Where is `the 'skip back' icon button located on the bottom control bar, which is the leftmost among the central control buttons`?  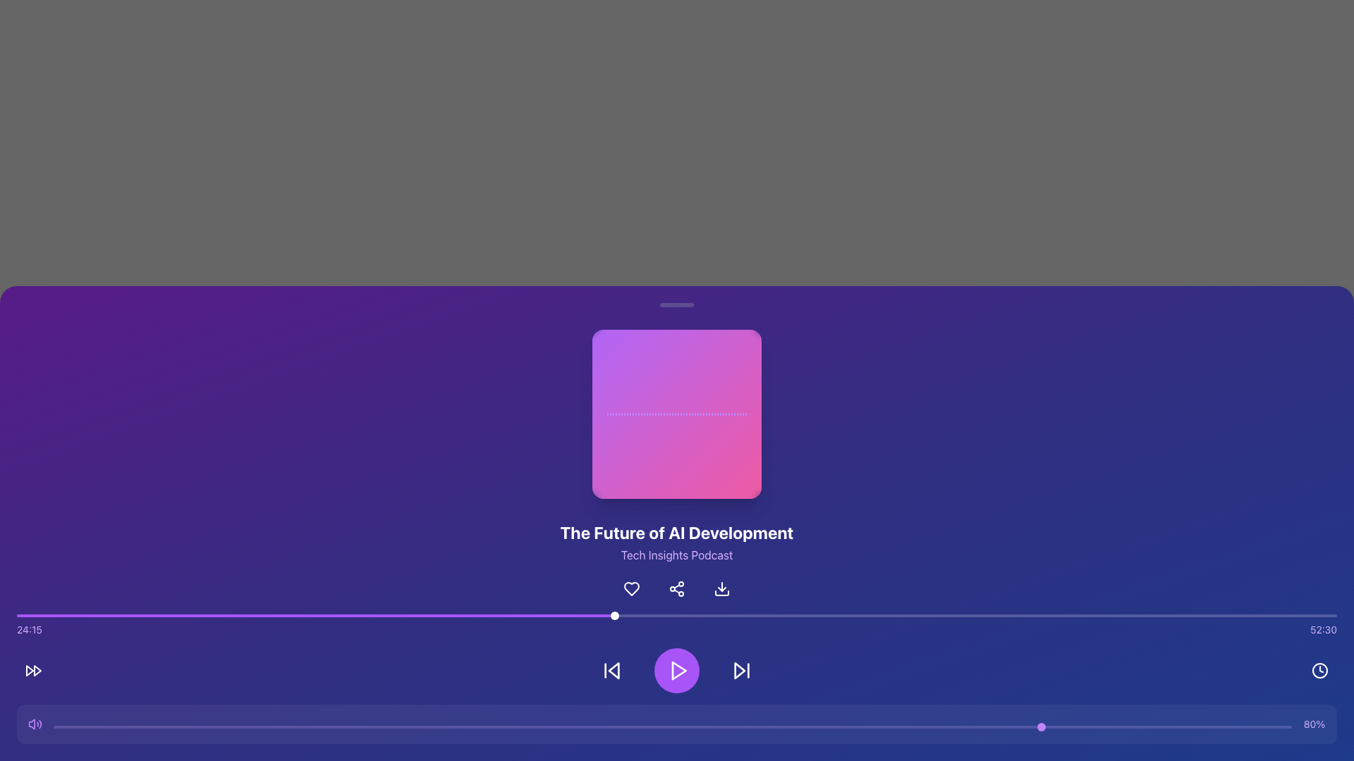
the 'skip back' icon button located on the bottom control bar, which is the leftmost among the central control buttons is located at coordinates (613, 670).